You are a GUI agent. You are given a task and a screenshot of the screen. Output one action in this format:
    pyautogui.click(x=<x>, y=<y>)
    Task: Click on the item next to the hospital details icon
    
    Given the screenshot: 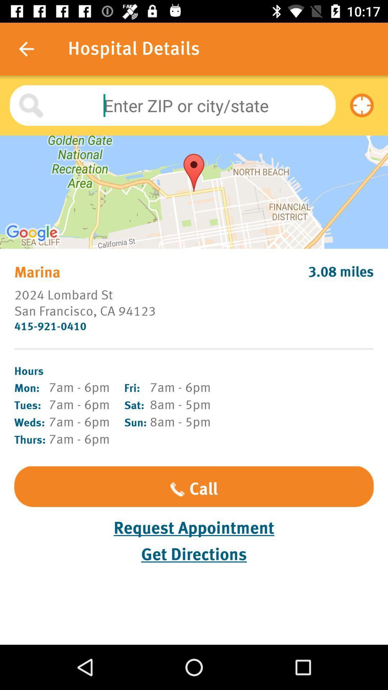 What is the action you would take?
    pyautogui.click(x=26, y=49)
    